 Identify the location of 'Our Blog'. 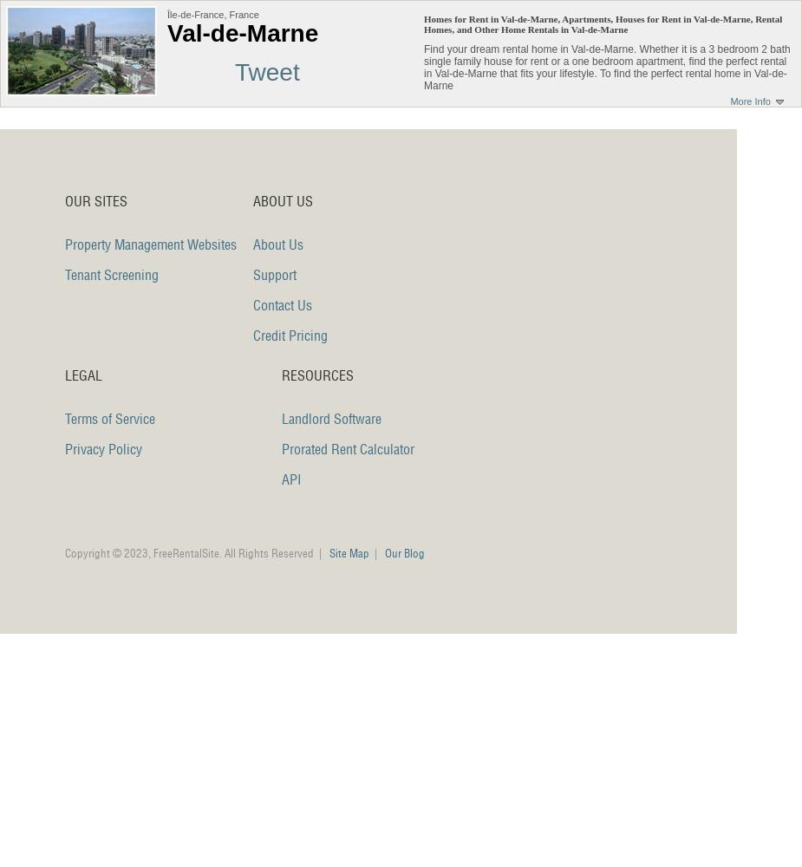
(405, 553).